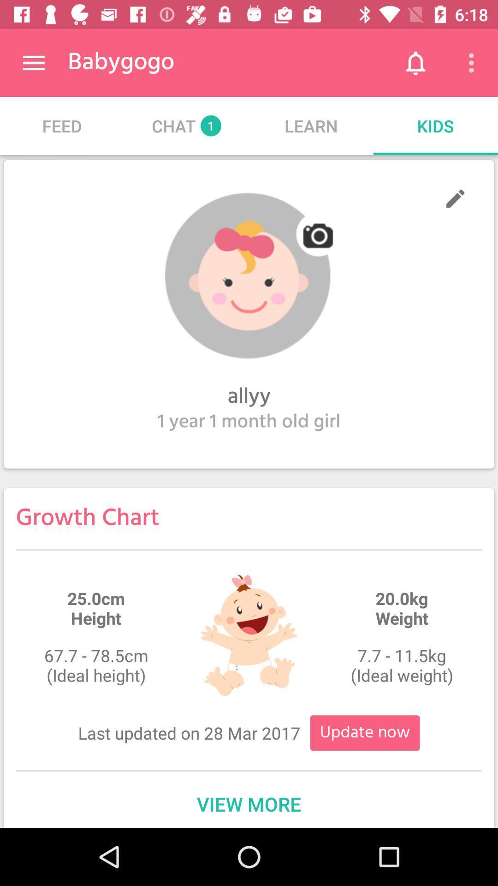 The height and width of the screenshot is (886, 498). Describe the element at coordinates (249, 275) in the screenshot. I see `profile photo option` at that location.